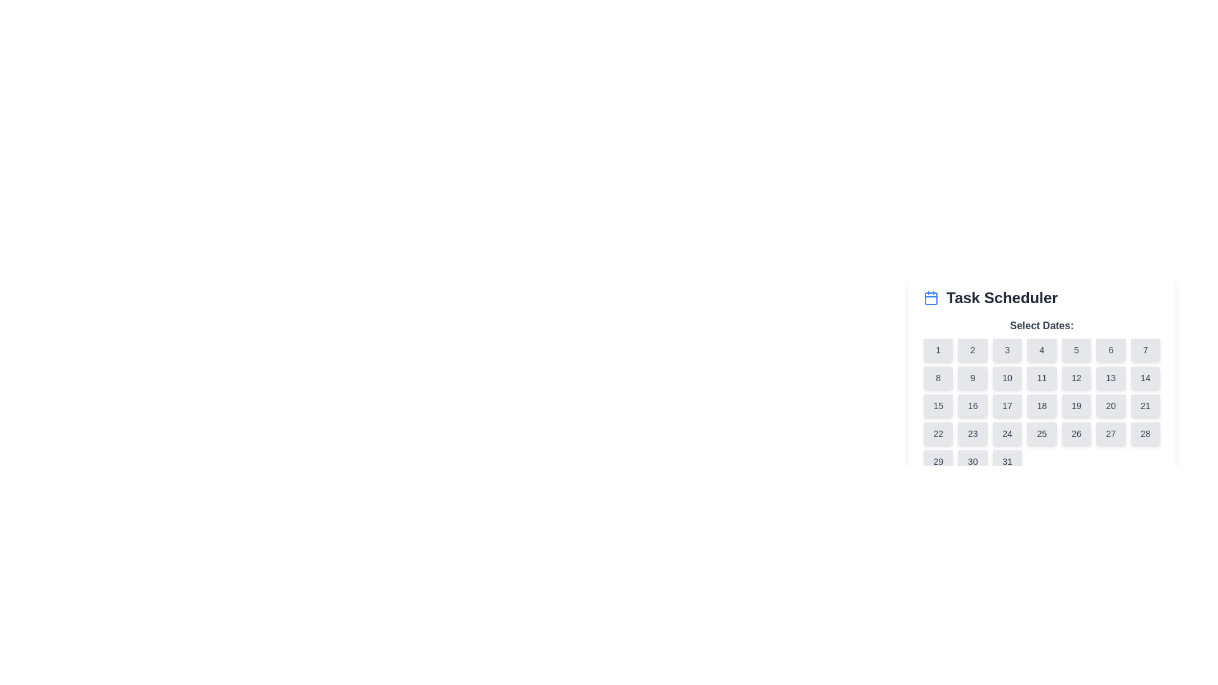 Image resolution: width=1218 pixels, height=685 pixels. Describe the element at coordinates (938, 377) in the screenshot. I see `the button with the number '8' in the 'Task Scheduler' section` at that location.